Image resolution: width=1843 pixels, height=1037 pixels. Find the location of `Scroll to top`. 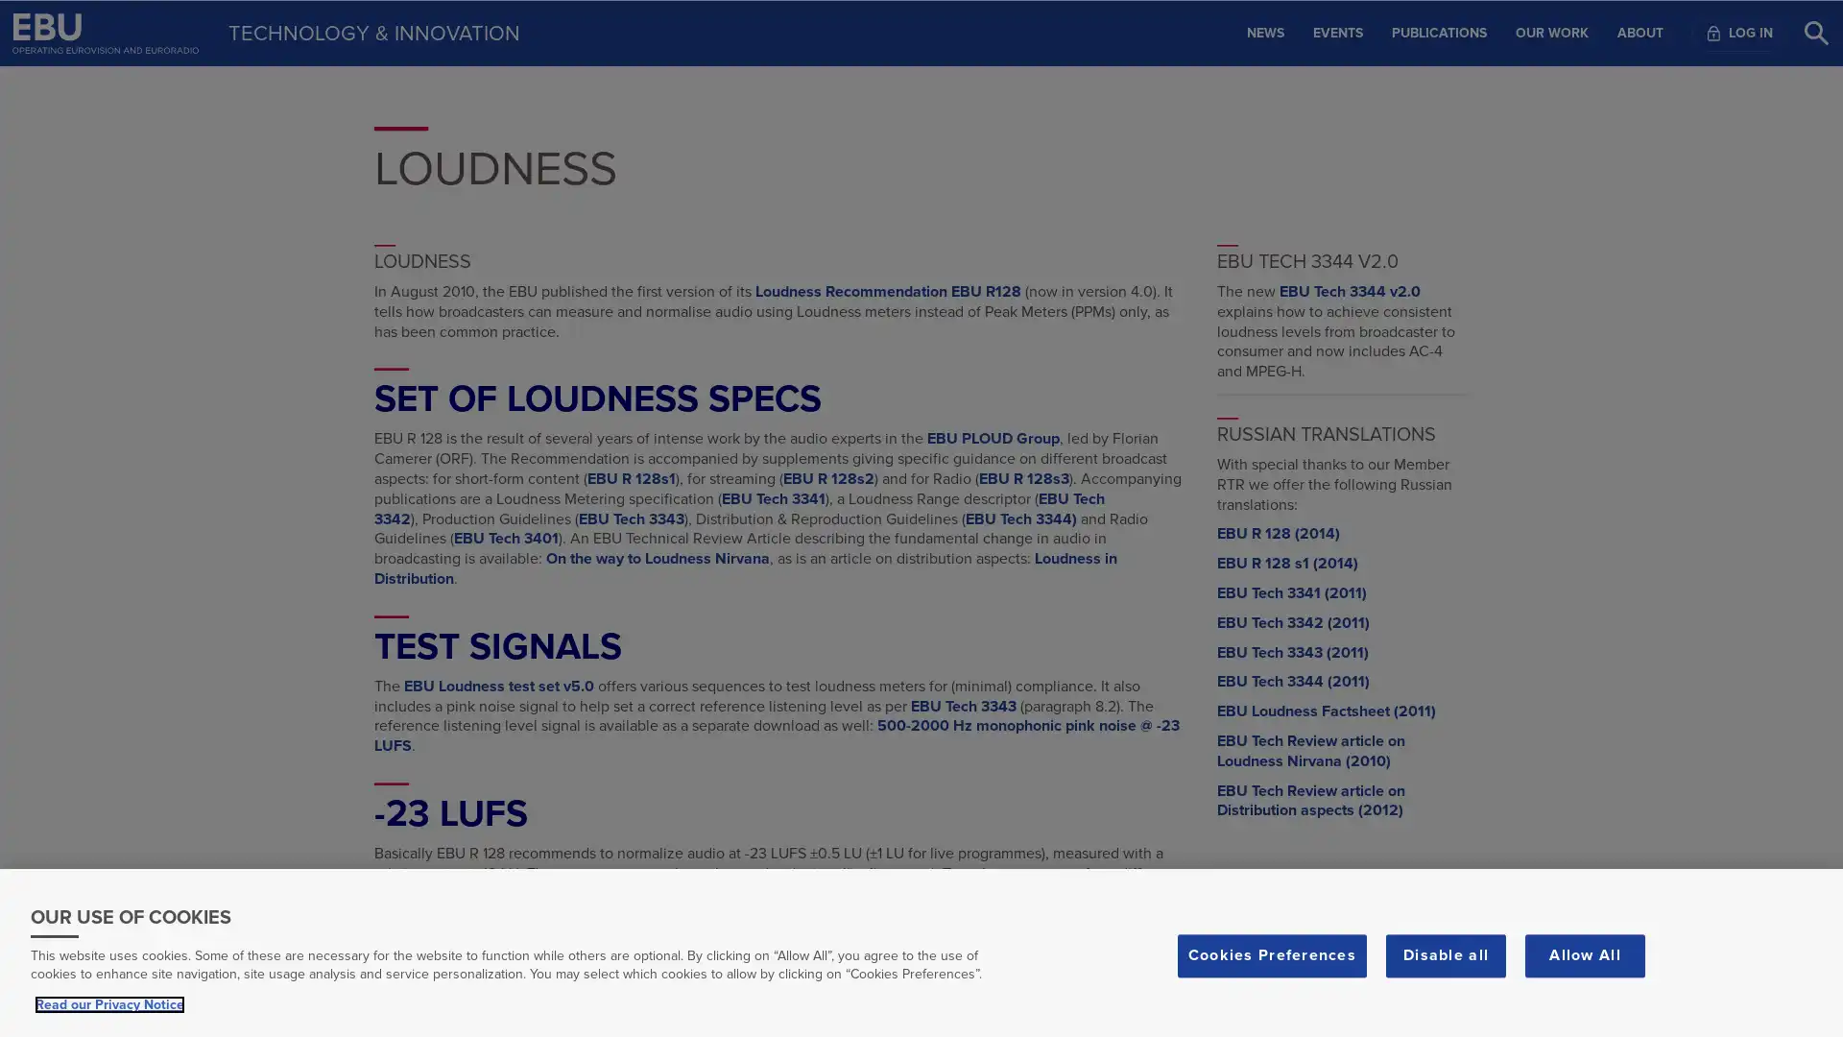

Scroll to top is located at coordinates (1735, 909).